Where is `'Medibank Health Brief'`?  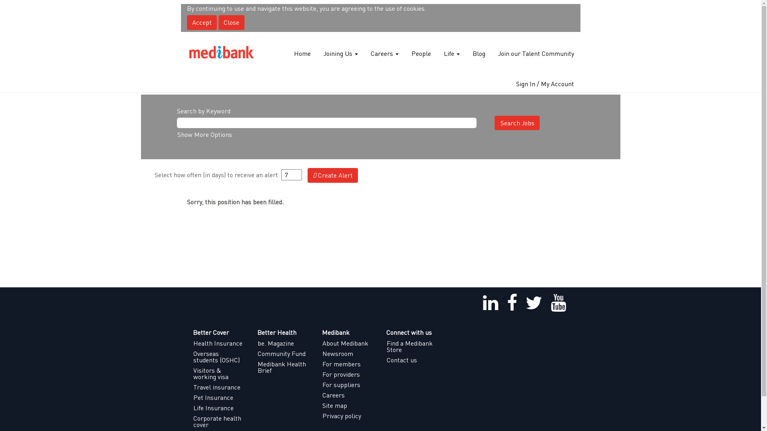
'Medibank Health Brief' is located at coordinates (284, 367).